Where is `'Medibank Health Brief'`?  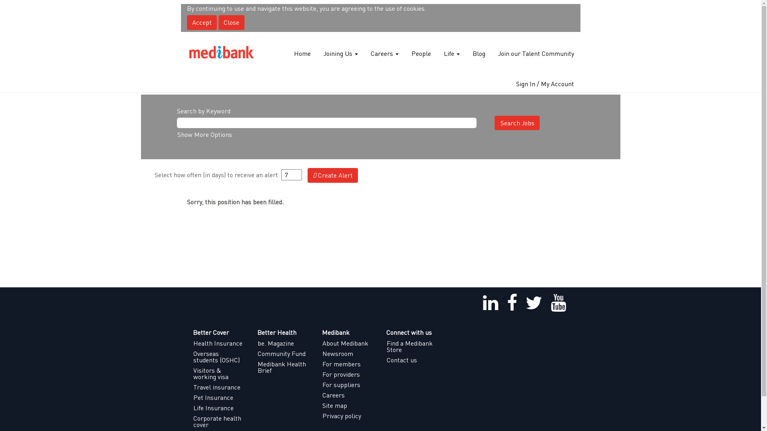
'Medibank Health Brief' is located at coordinates (284, 367).